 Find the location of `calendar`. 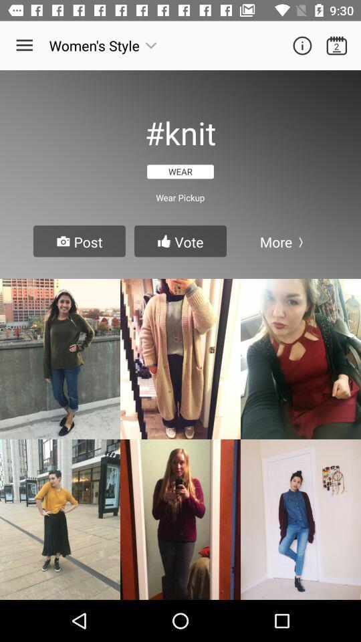

calendar is located at coordinates (336, 45).